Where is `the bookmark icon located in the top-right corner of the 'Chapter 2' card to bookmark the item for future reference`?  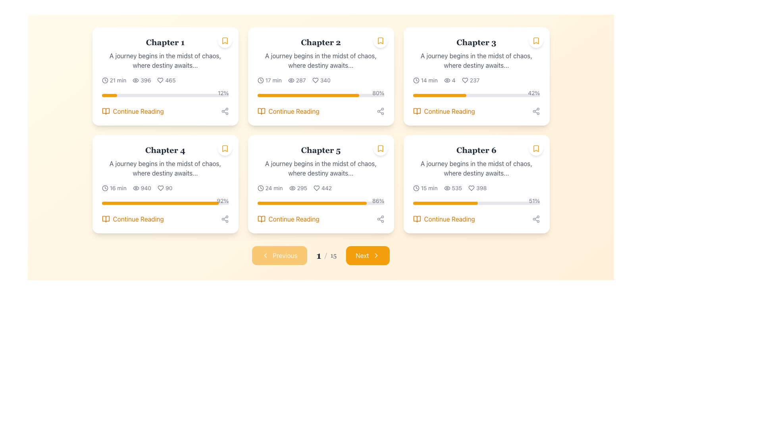
the bookmark icon located in the top-right corner of the 'Chapter 2' card to bookmark the item for future reference is located at coordinates (380, 41).